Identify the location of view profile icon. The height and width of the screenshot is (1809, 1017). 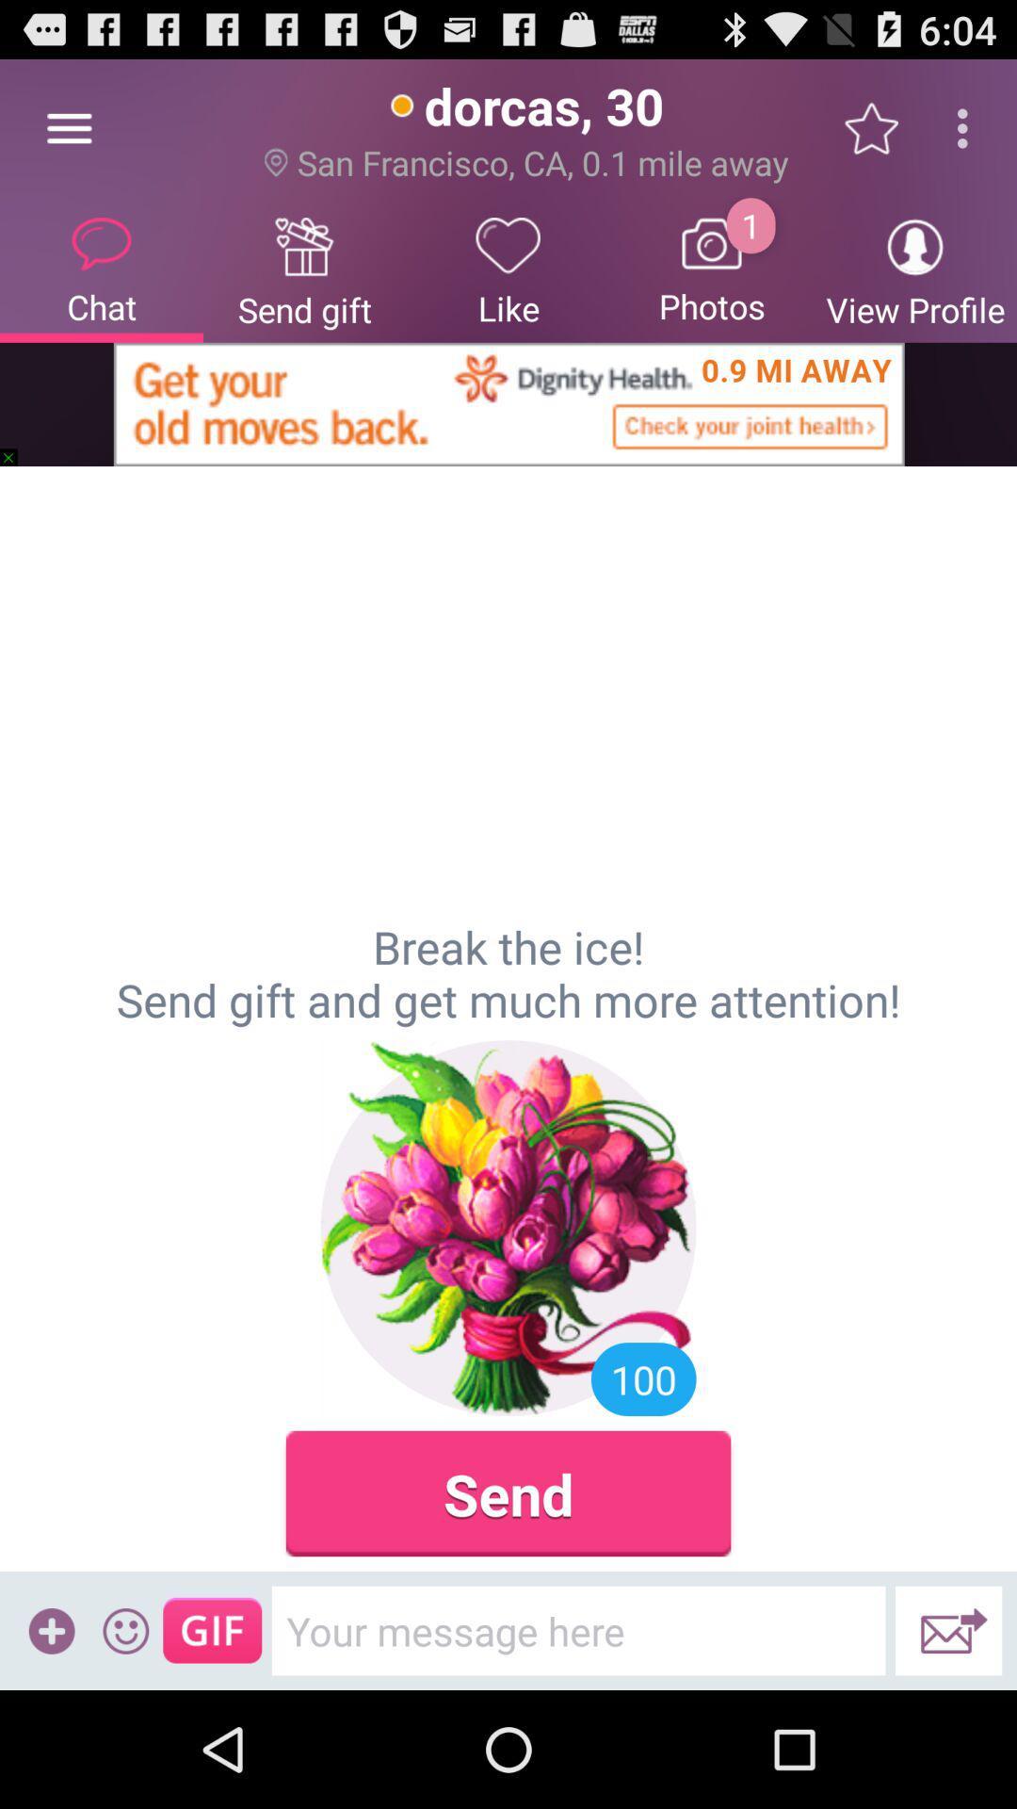
(914, 269).